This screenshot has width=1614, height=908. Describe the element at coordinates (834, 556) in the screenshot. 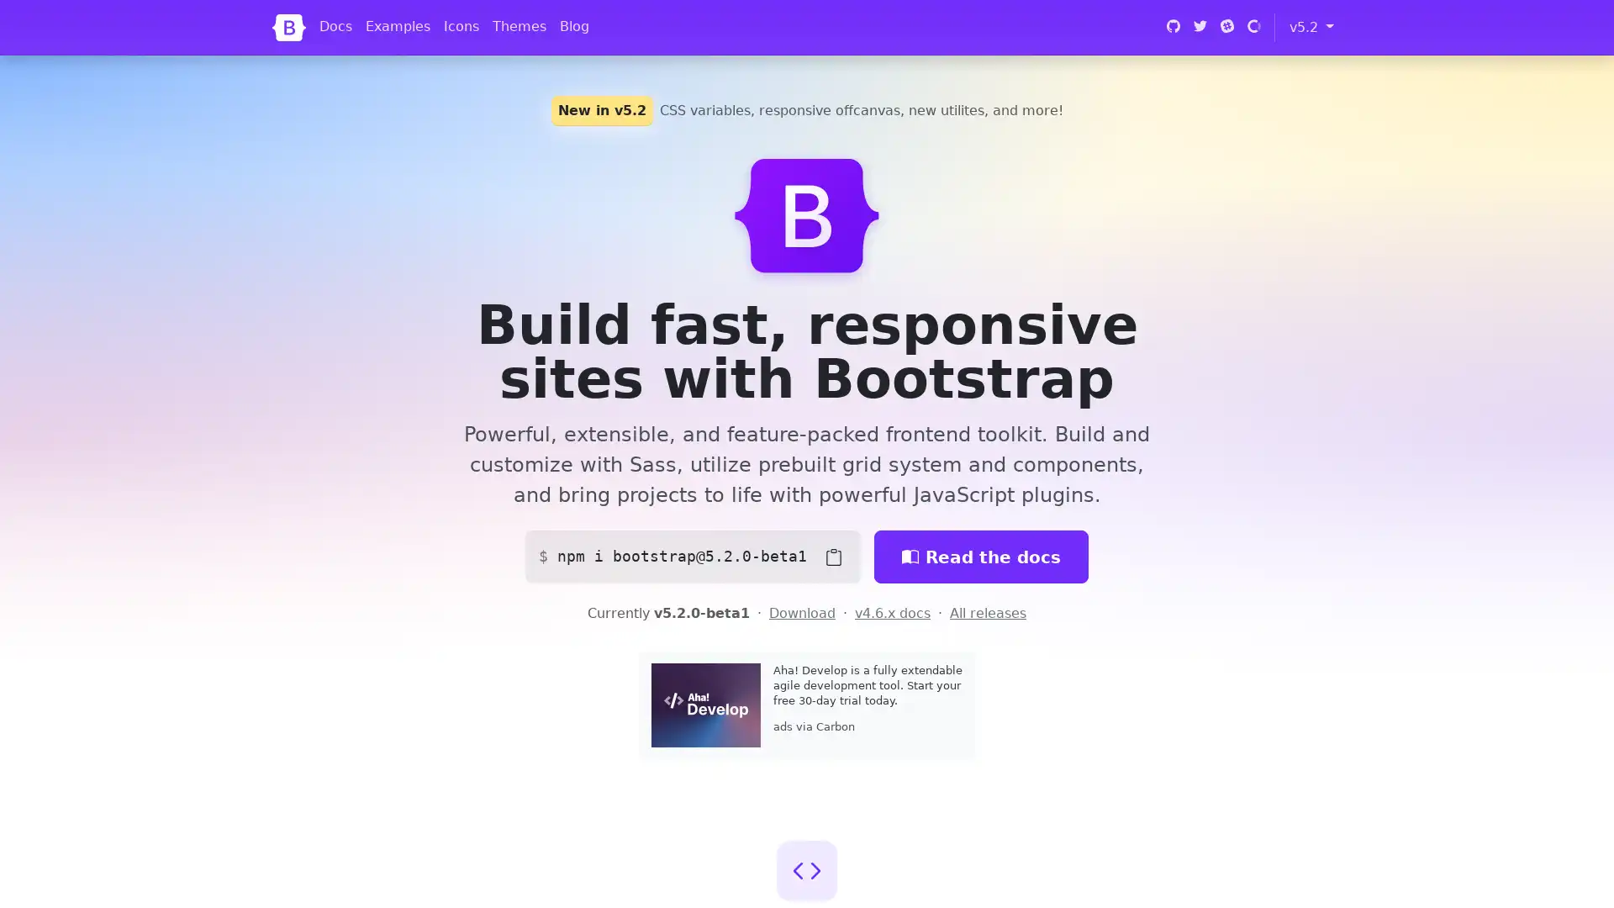

I see `Copy` at that location.